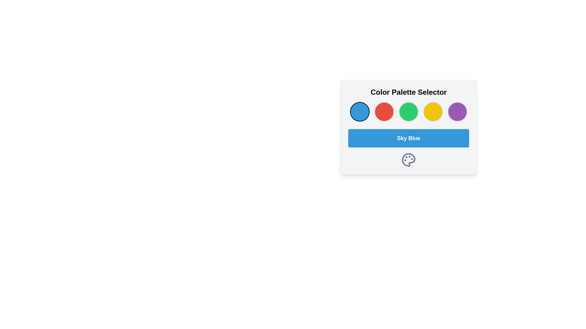  Describe the element at coordinates (409, 159) in the screenshot. I see `the selectable icon located at the bottom of the color selection interface` at that location.